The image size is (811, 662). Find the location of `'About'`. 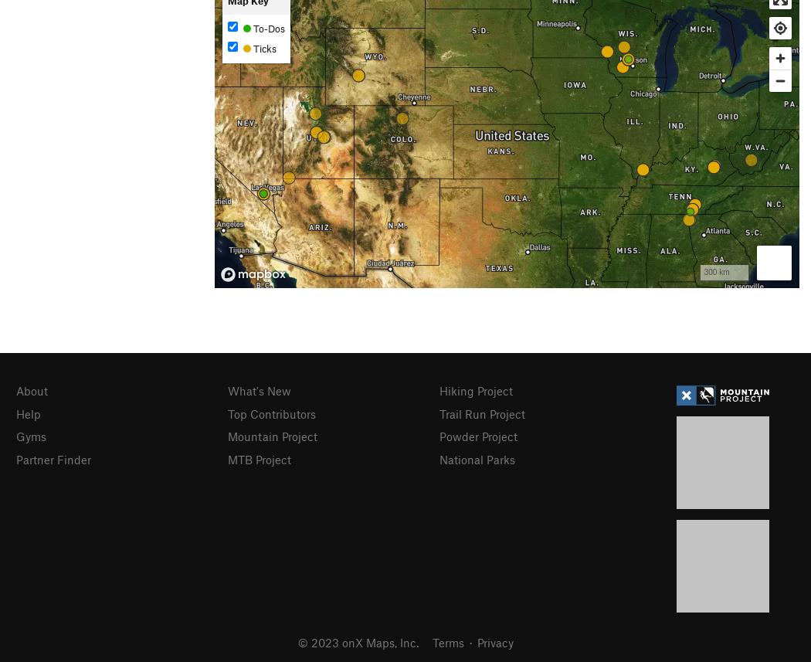

'About' is located at coordinates (31, 390).